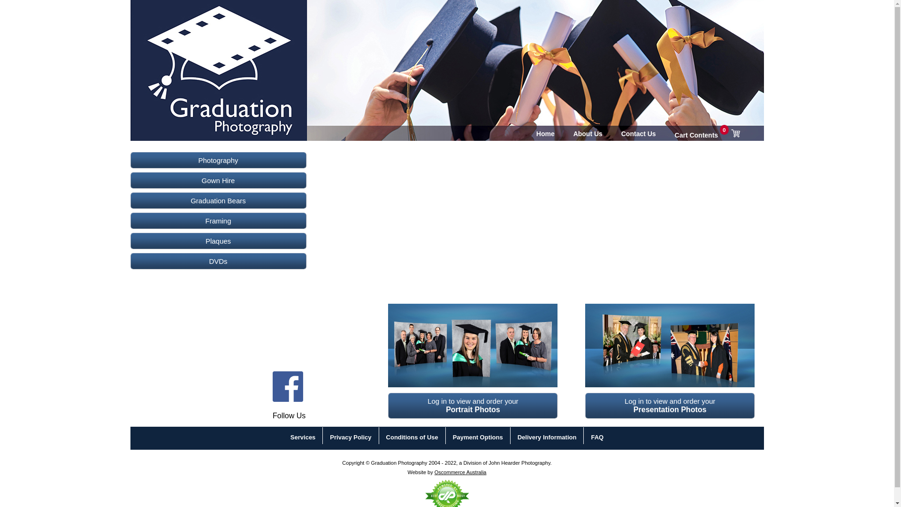 The height and width of the screenshot is (507, 901). Describe the element at coordinates (303, 437) in the screenshot. I see `'Services'` at that location.